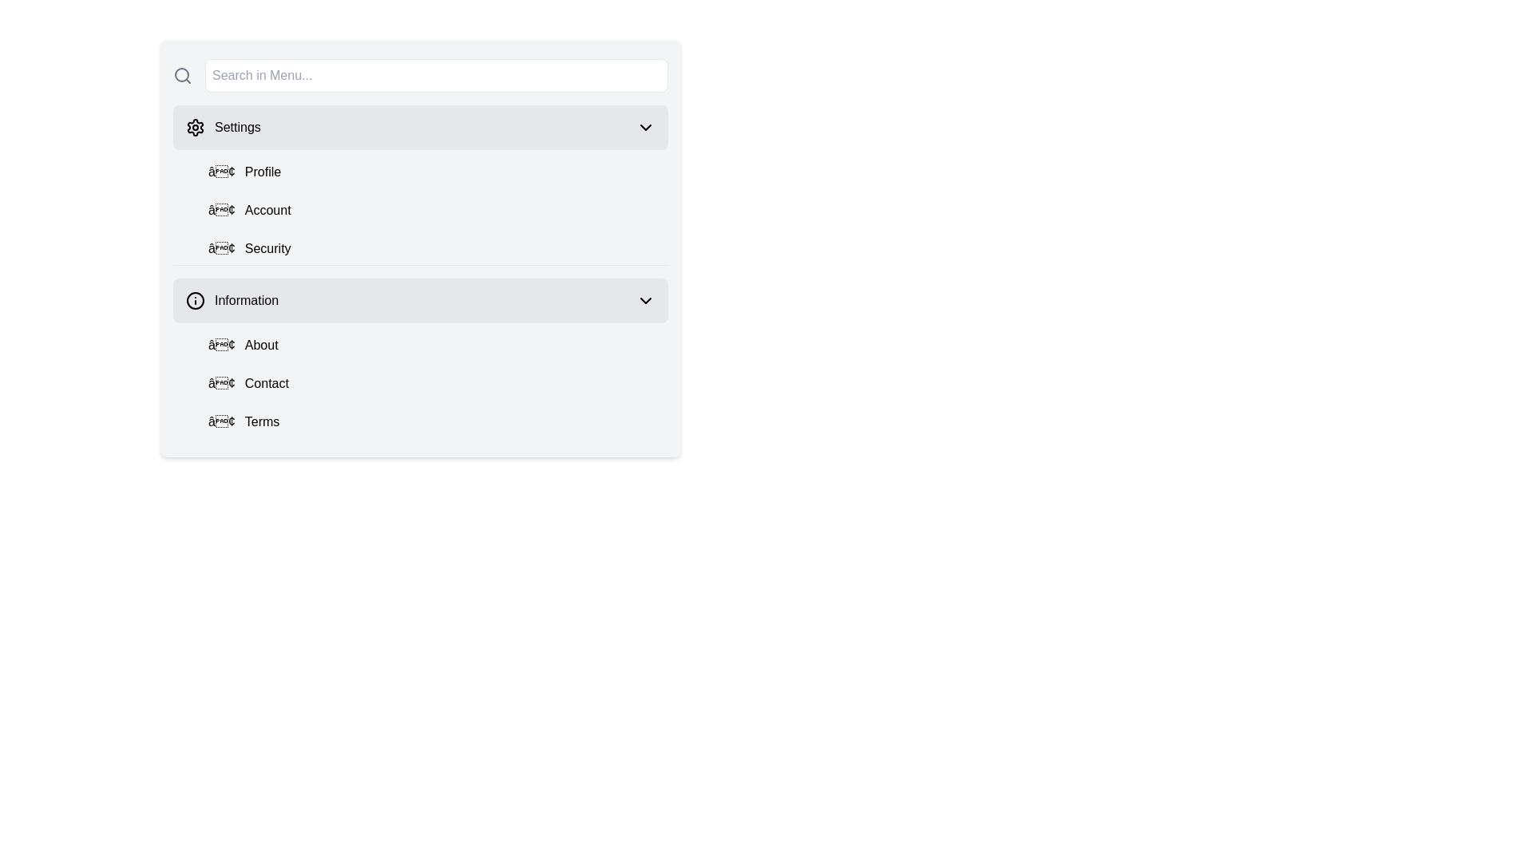 This screenshot has height=862, width=1533. Describe the element at coordinates (421, 172) in the screenshot. I see `the navigation button located in the 'Settings' section` at that location.